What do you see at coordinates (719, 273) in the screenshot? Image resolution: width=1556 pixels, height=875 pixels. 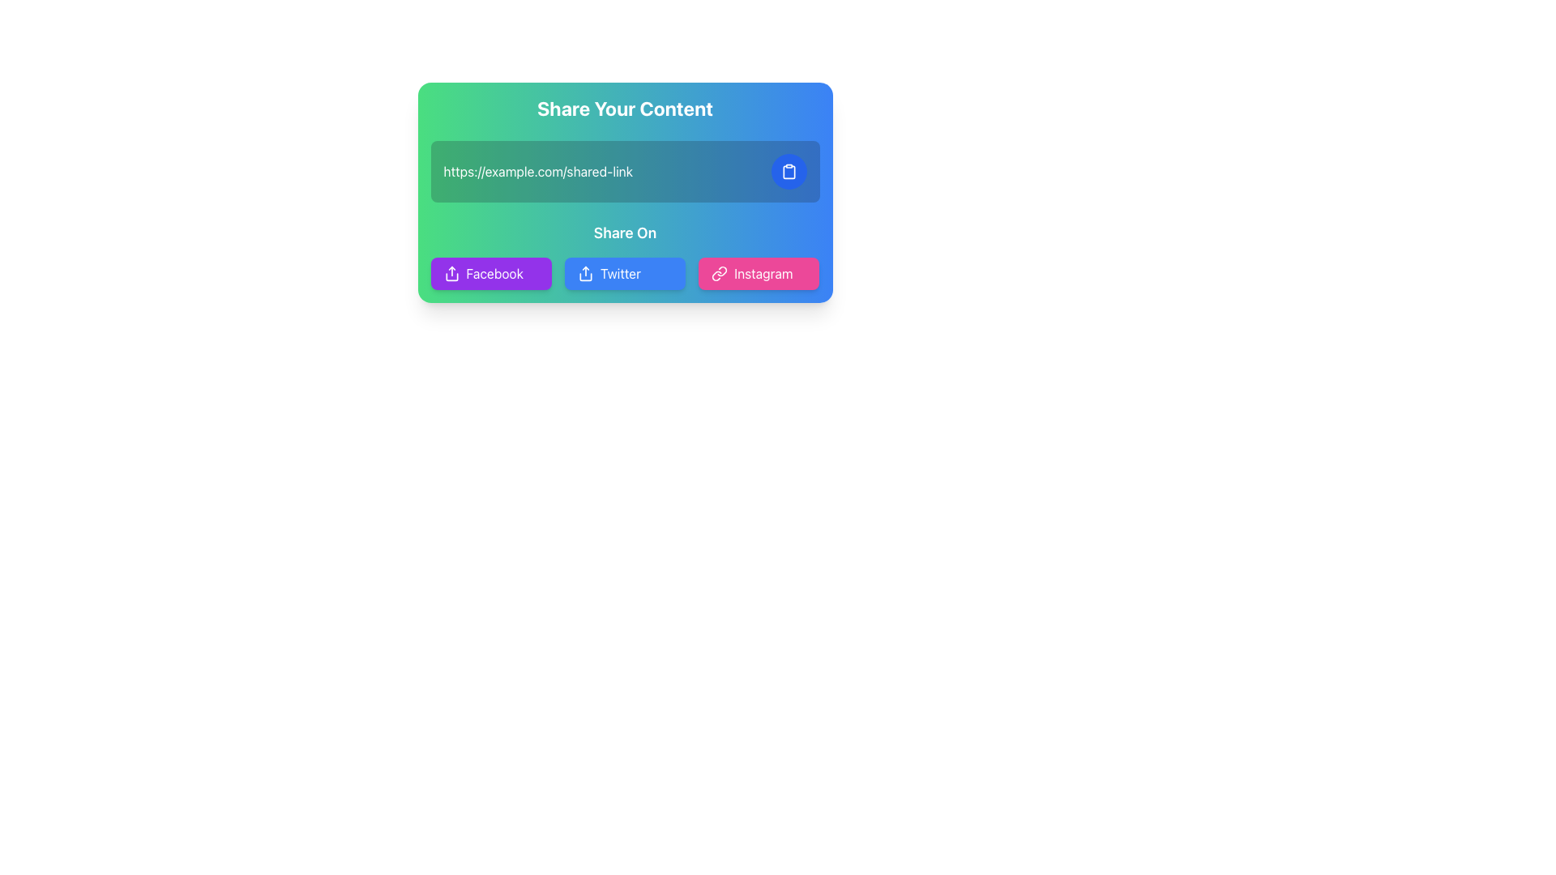 I see `the 'Instagram' button, which contains an icon styled as two interlinked rings, located in the bottom-right corner of the 'Share On' section` at bounding box center [719, 273].